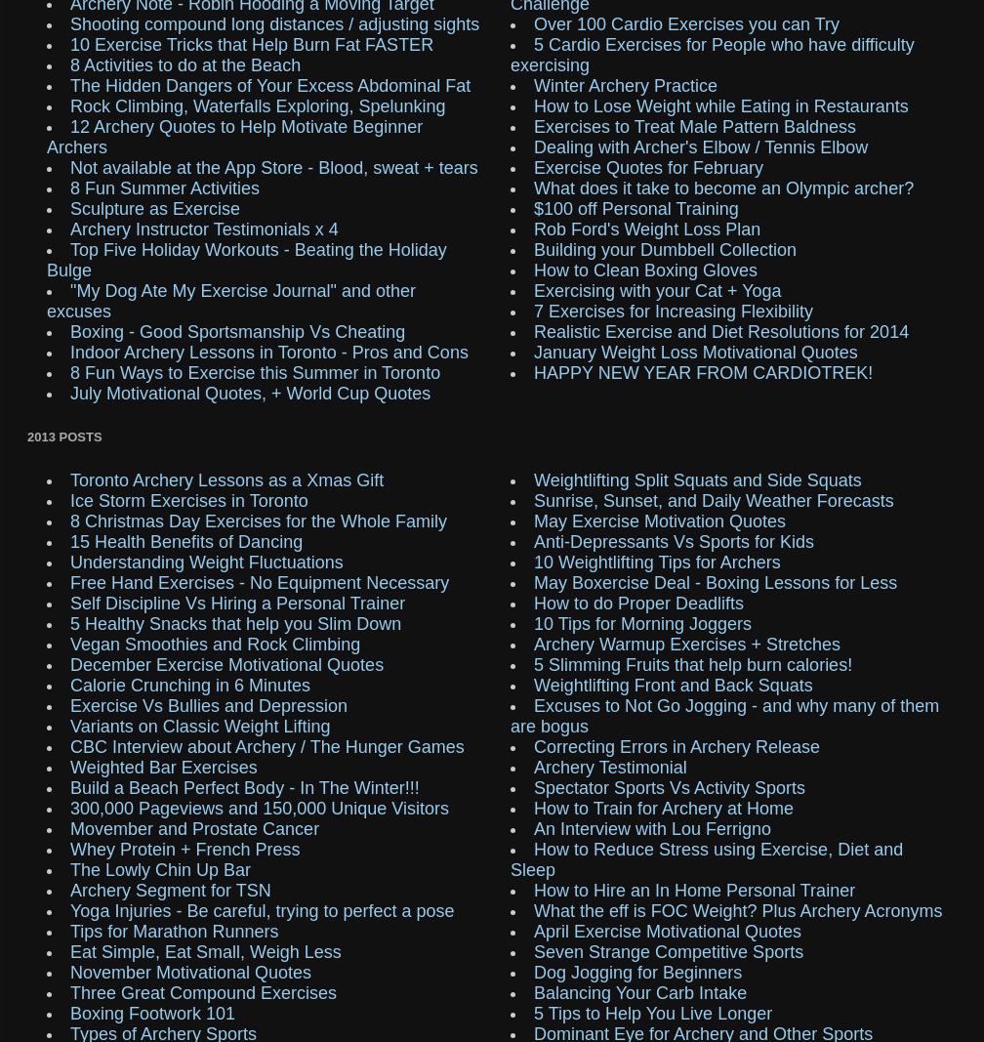 The height and width of the screenshot is (1042, 984). I want to click on 'Boxing Footwork 101', so click(152, 1013).